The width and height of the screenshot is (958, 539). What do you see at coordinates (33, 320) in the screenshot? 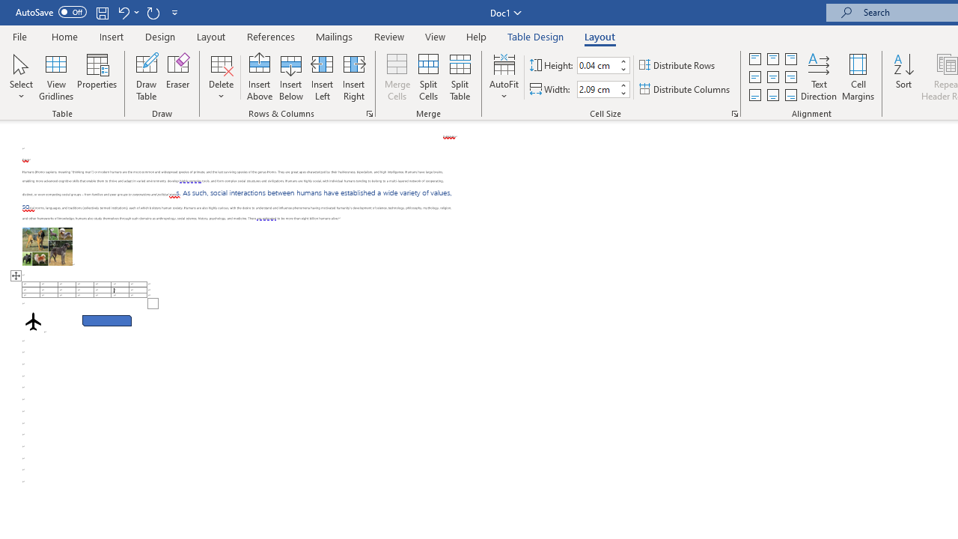
I see `'Airplane with solid fill'` at bounding box center [33, 320].